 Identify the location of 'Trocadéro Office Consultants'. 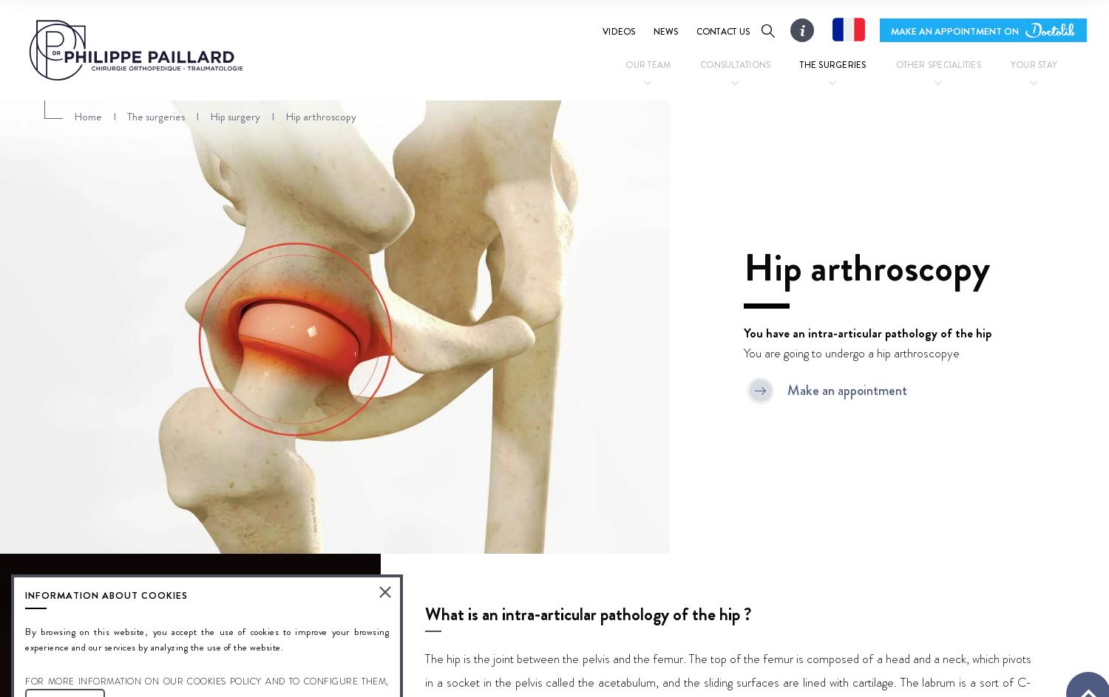
(681, 150).